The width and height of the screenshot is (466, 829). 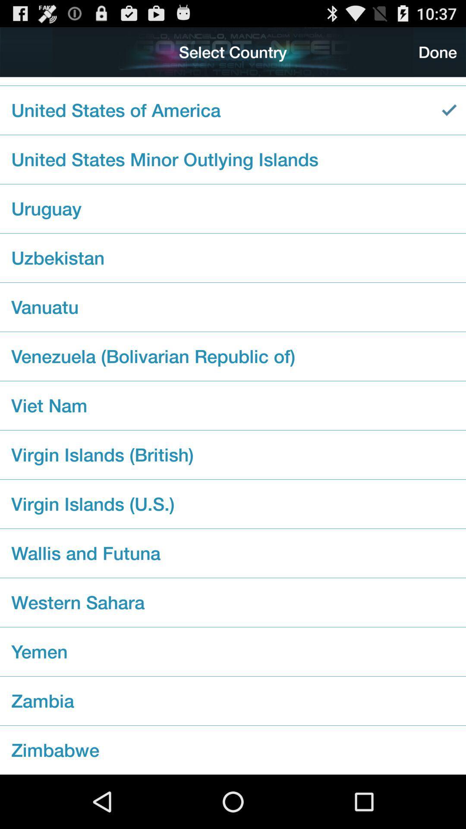 What do you see at coordinates (233, 701) in the screenshot?
I see `item above zimbabwe item` at bounding box center [233, 701].